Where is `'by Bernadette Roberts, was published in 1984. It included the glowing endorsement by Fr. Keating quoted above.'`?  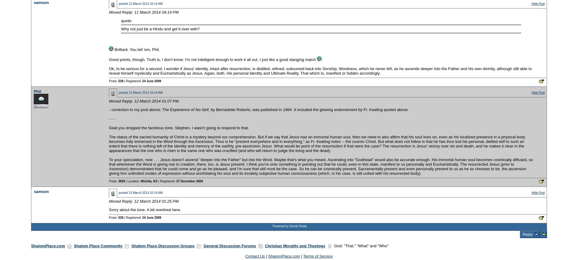
'by Bernadette Roberts, was published in 1984. It included the glowing endorsement by Fr. Keating quoted above.' is located at coordinates (309, 109).